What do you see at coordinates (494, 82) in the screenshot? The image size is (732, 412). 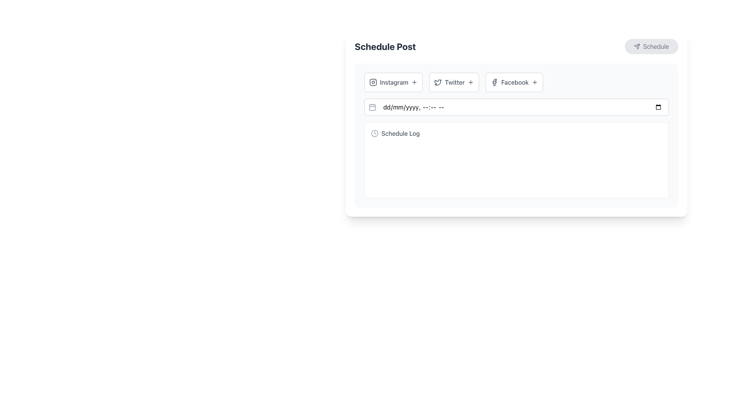 I see `the Facebook icon located in the row of social media buttons, specifically positioned third after Instagram and Twitter` at bounding box center [494, 82].